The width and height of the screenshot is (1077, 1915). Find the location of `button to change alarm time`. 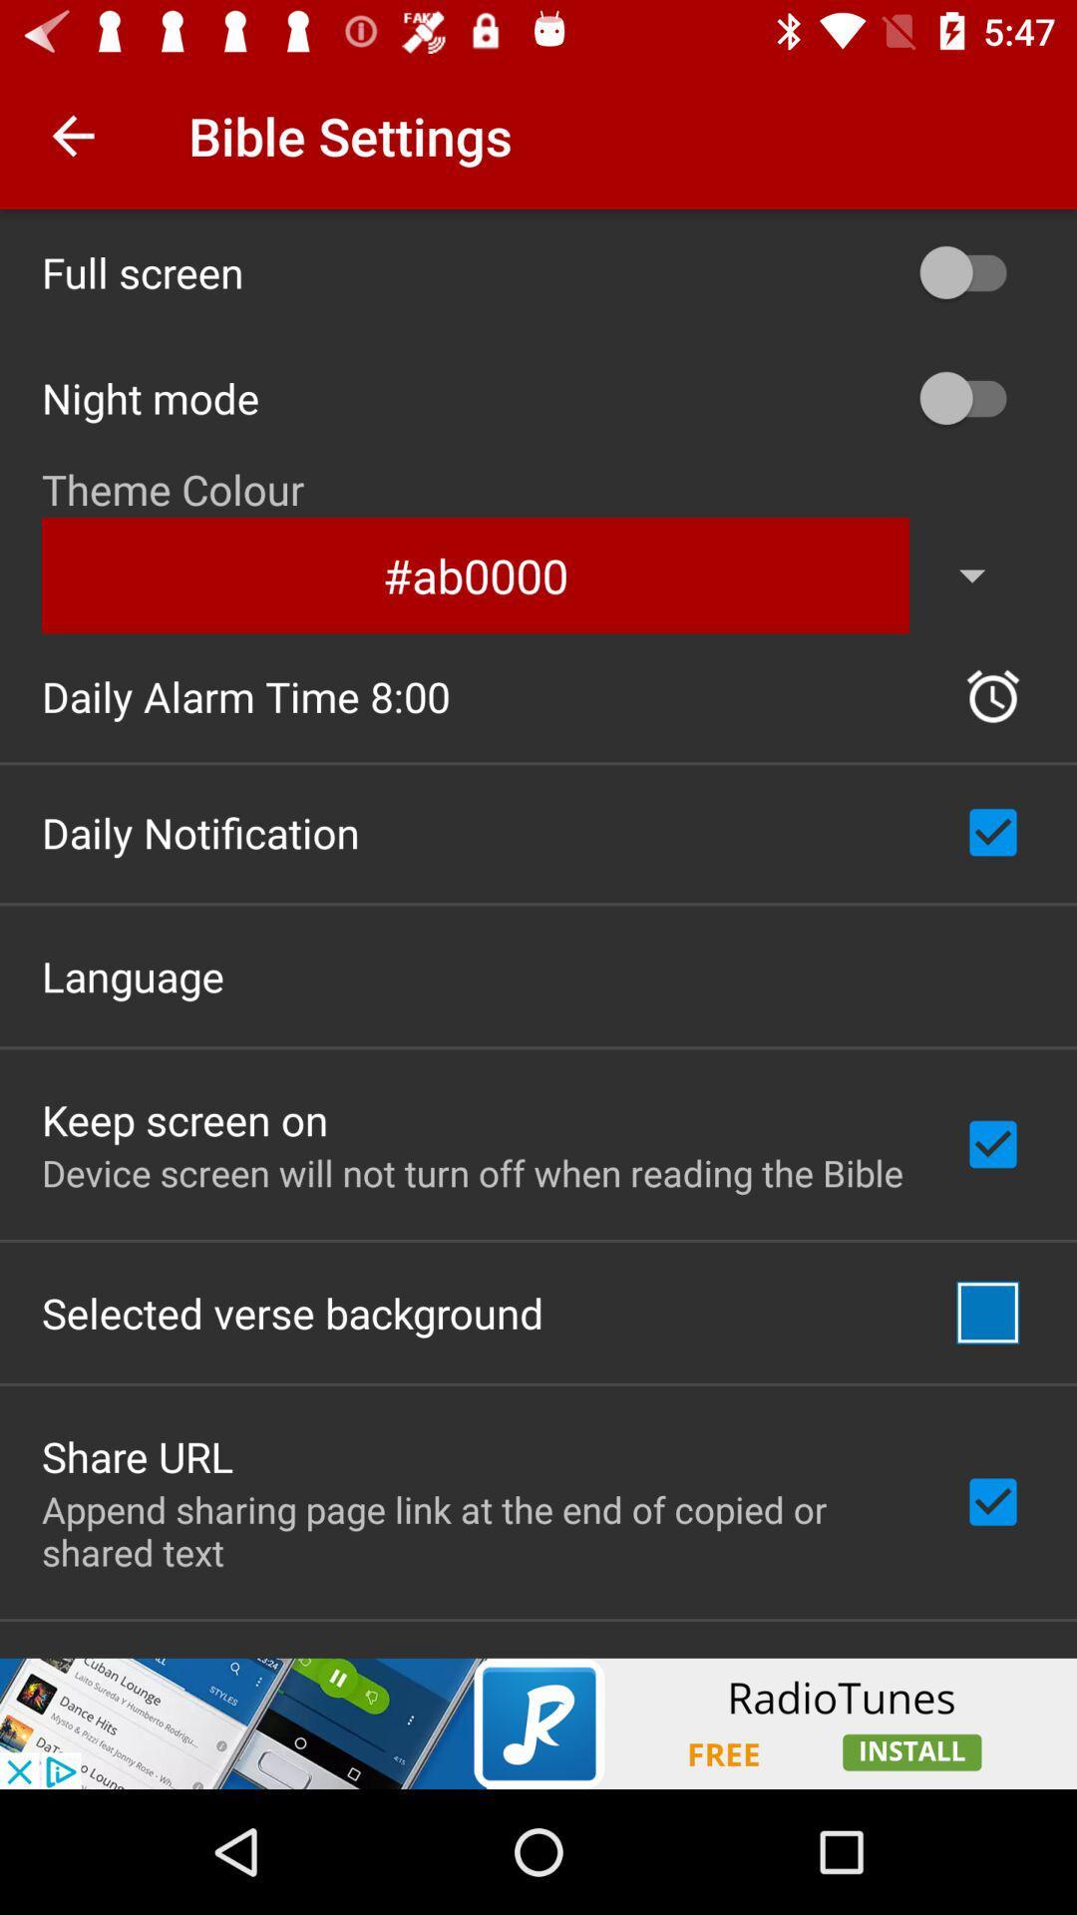

button to change alarm time is located at coordinates (992, 696).